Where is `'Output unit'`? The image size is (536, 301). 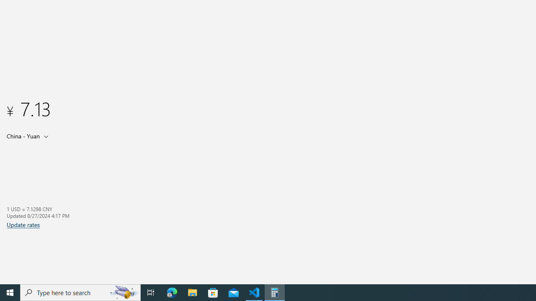 'Output unit' is located at coordinates (29, 135).